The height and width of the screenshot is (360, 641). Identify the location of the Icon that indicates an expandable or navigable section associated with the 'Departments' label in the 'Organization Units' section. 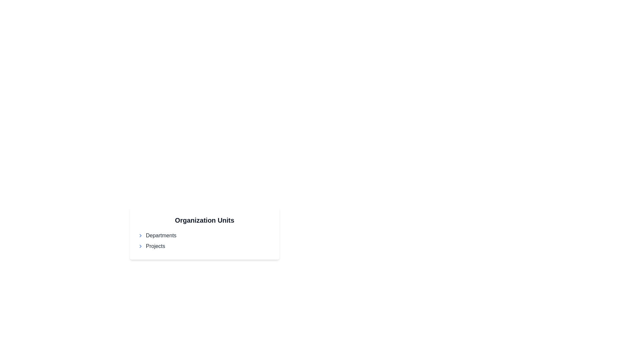
(140, 235).